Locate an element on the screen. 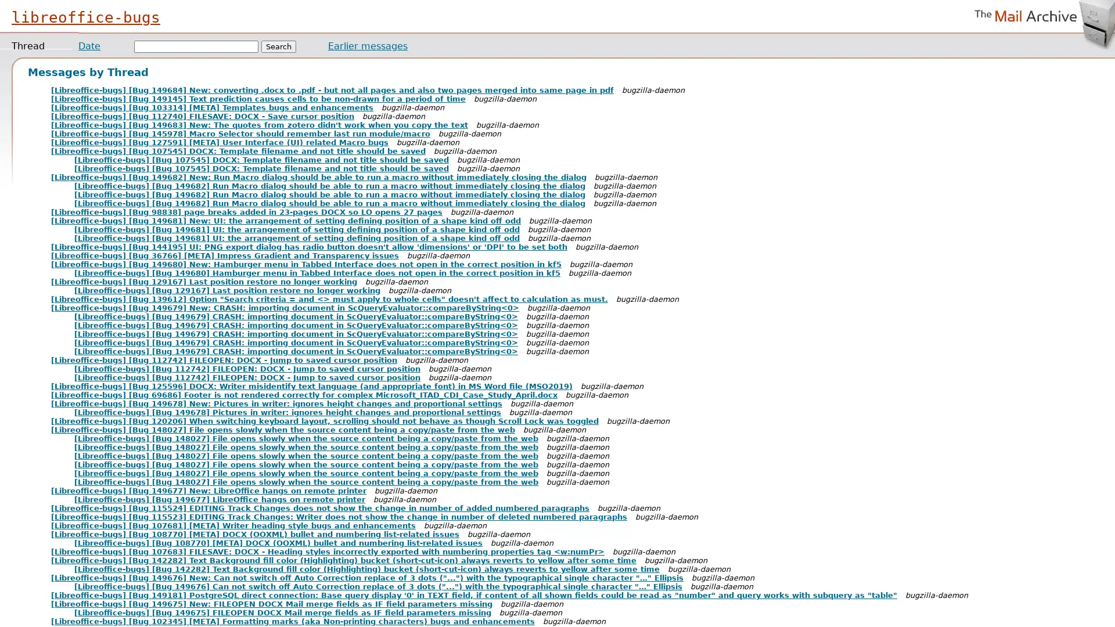 This screenshot has height=627, width=1115. Search is located at coordinates (279, 46).